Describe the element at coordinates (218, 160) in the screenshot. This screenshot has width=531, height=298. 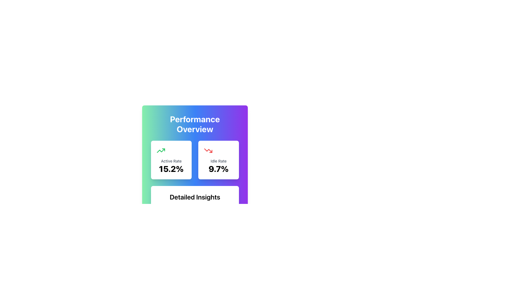
I see `text displayed on the Information card representing the current idle rate, located in the bottom-right of the grid beside the 'Active Rate' box` at that location.